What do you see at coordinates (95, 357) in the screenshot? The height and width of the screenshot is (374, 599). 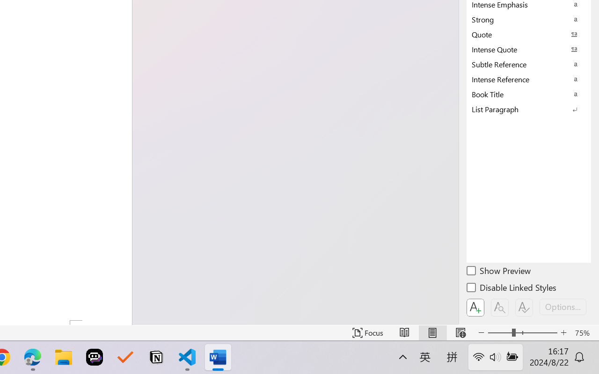 I see `'Poe'` at bounding box center [95, 357].